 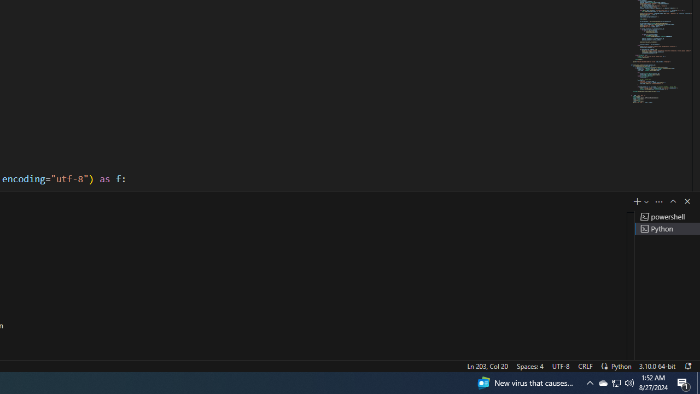 What do you see at coordinates (667, 228) in the screenshot?
I see `'Terminal 3 Python'` at bounding box center [667, 228].